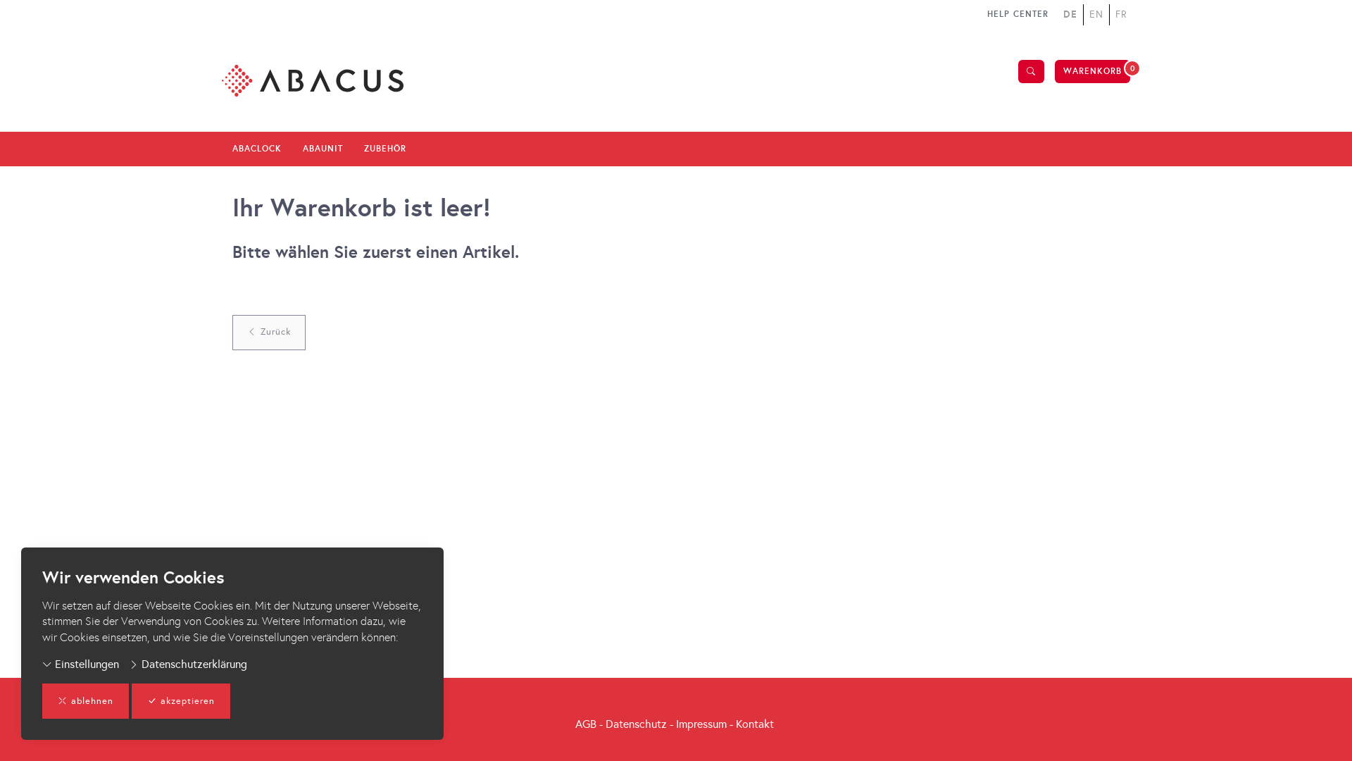  What do you see at coordinates (635, 724) in the screenshot?
I see `'Datenschutz'` at bounding box center [635, 724].